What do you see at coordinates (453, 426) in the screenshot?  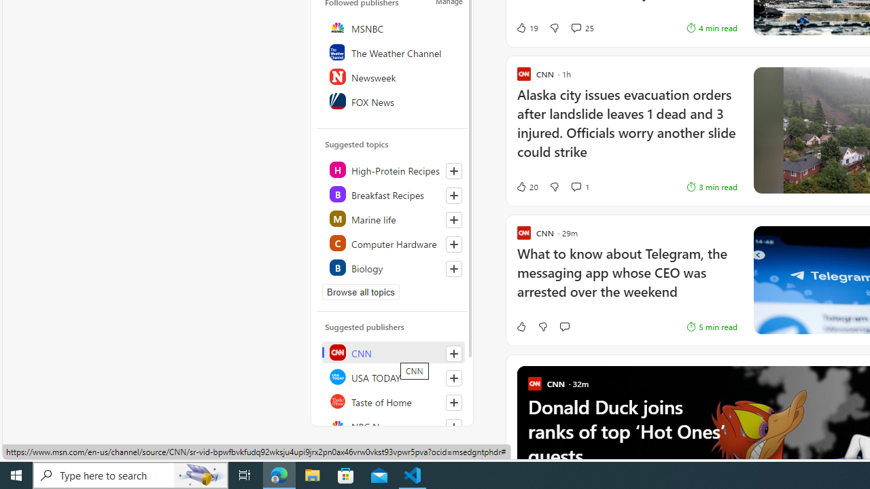 I see `'Follow this source'` at bounding box center [453, 426].